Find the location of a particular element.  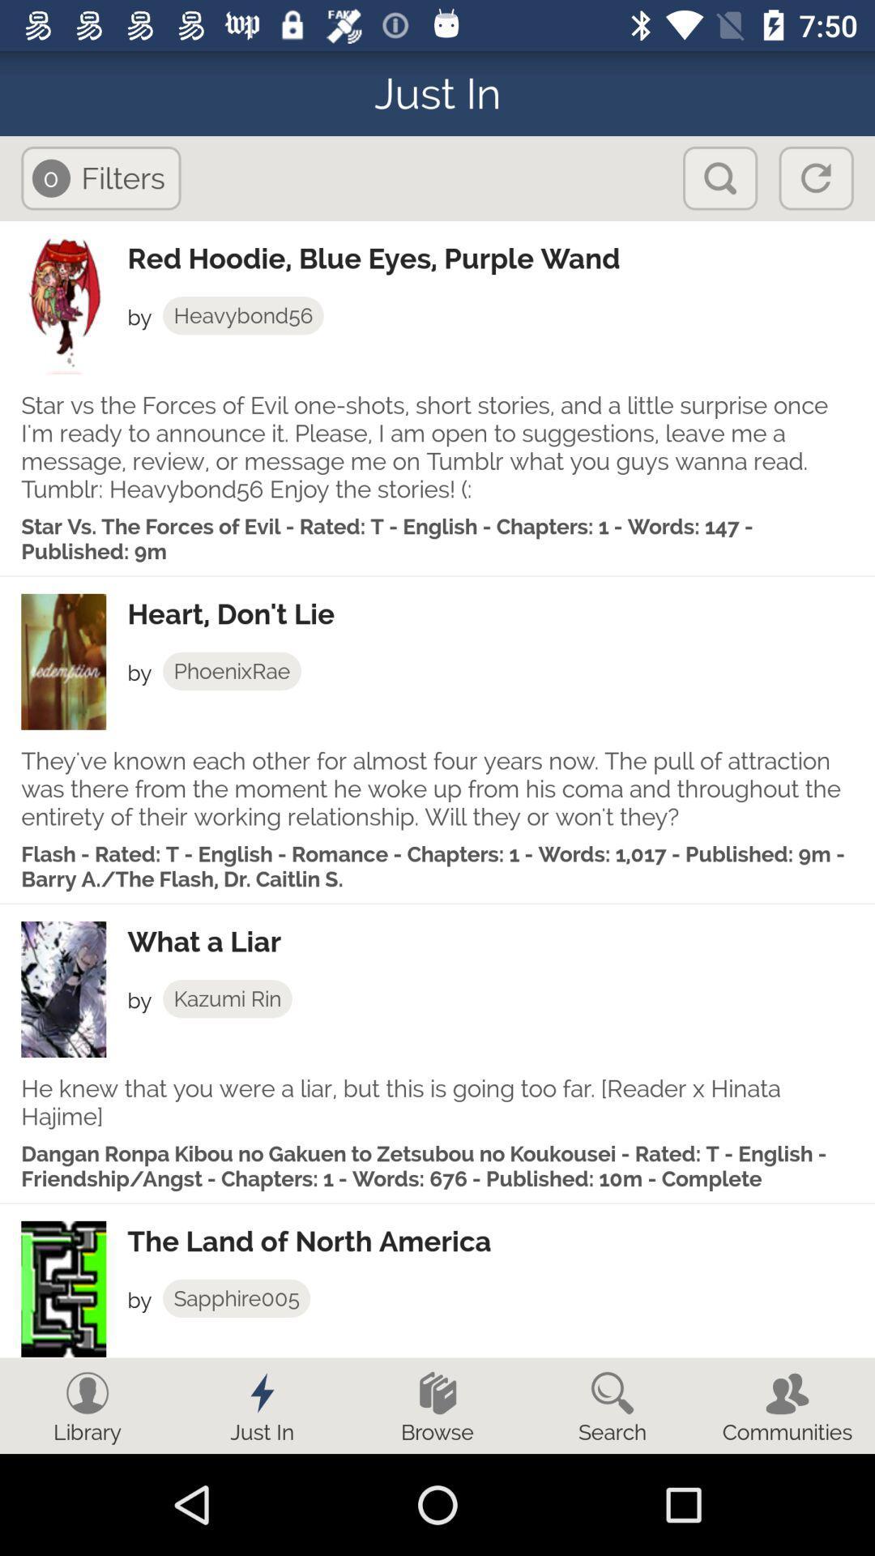

item to the right of by item is located at coordinates (227, 998).